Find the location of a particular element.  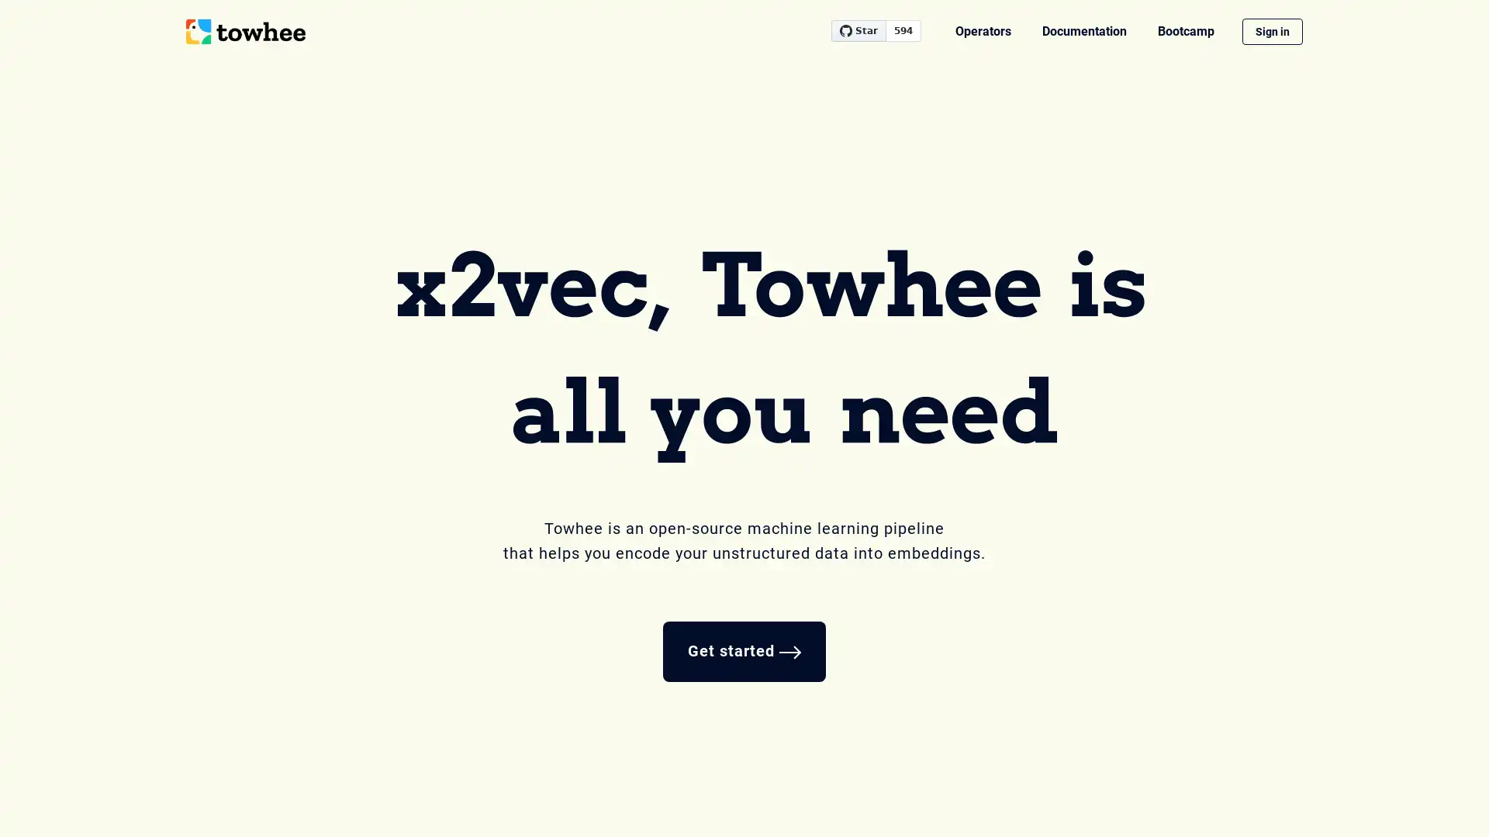

Get started is located at coordinates (744, 651).